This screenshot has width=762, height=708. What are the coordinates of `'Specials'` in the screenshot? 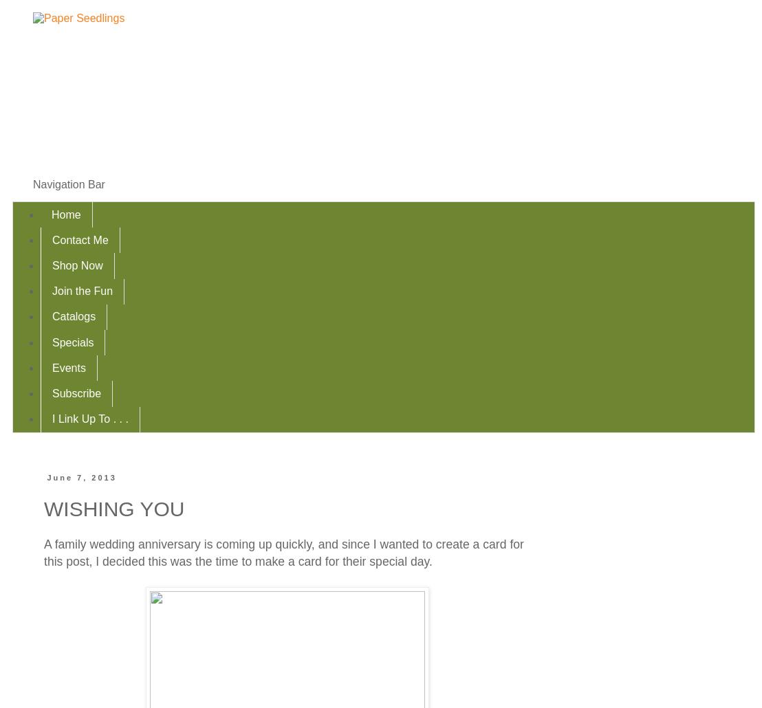 It's located at (73, 341).